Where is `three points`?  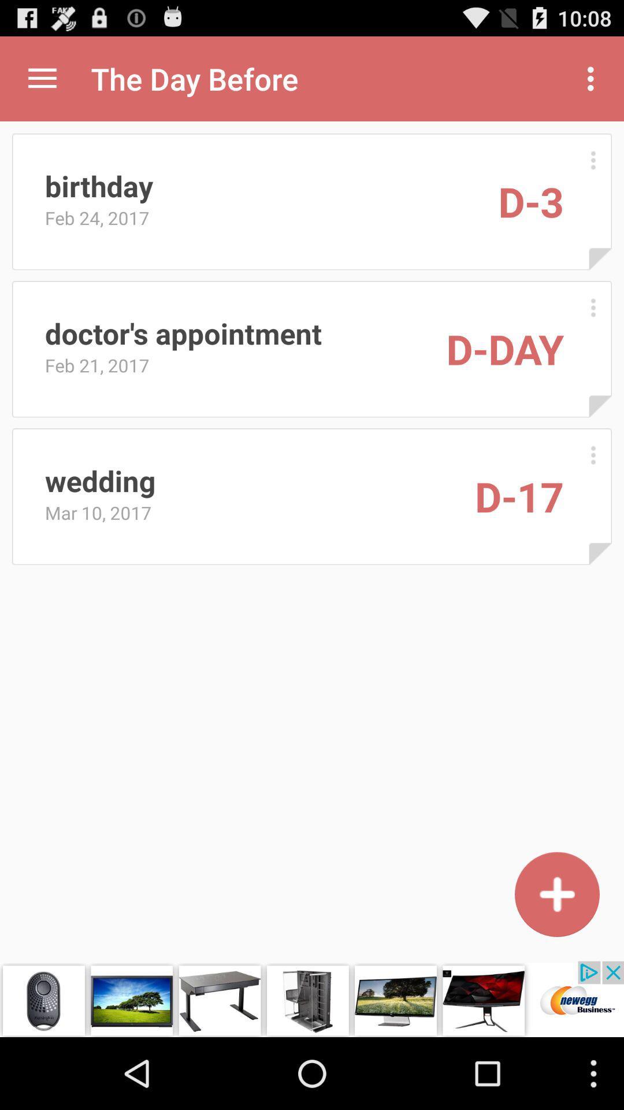 three points is located at coordinates (593, 308).